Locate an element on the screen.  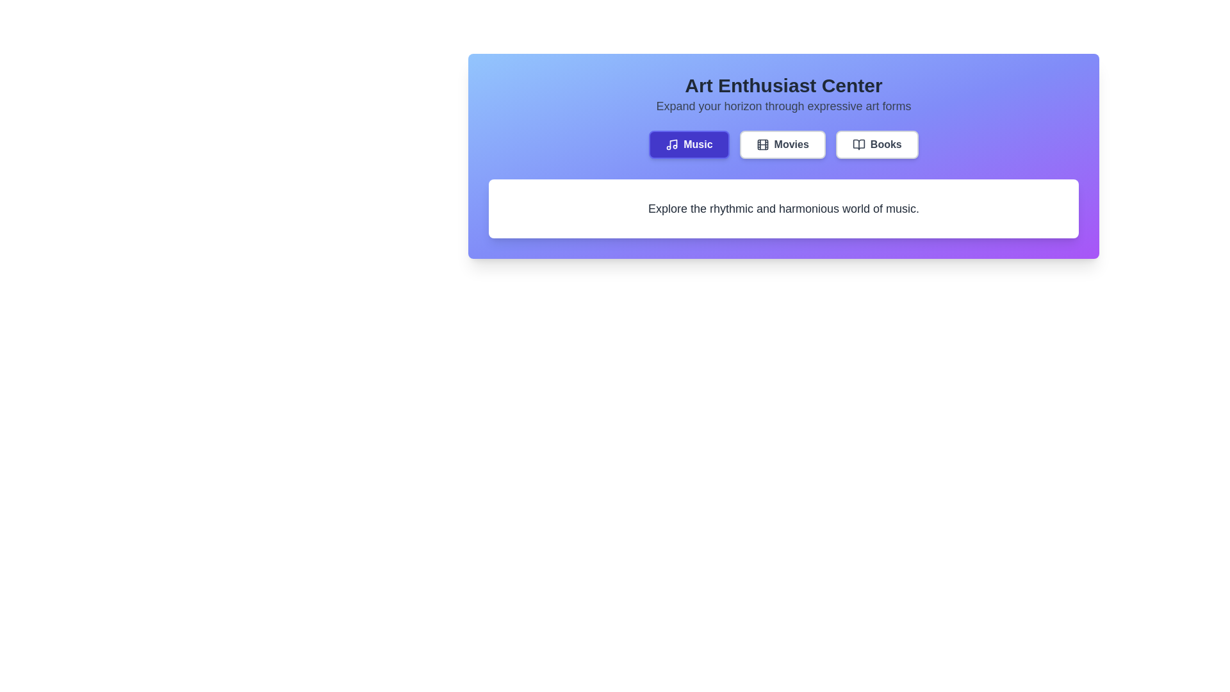
the tab labeled Music to select it is located at coordinates (688, 144).